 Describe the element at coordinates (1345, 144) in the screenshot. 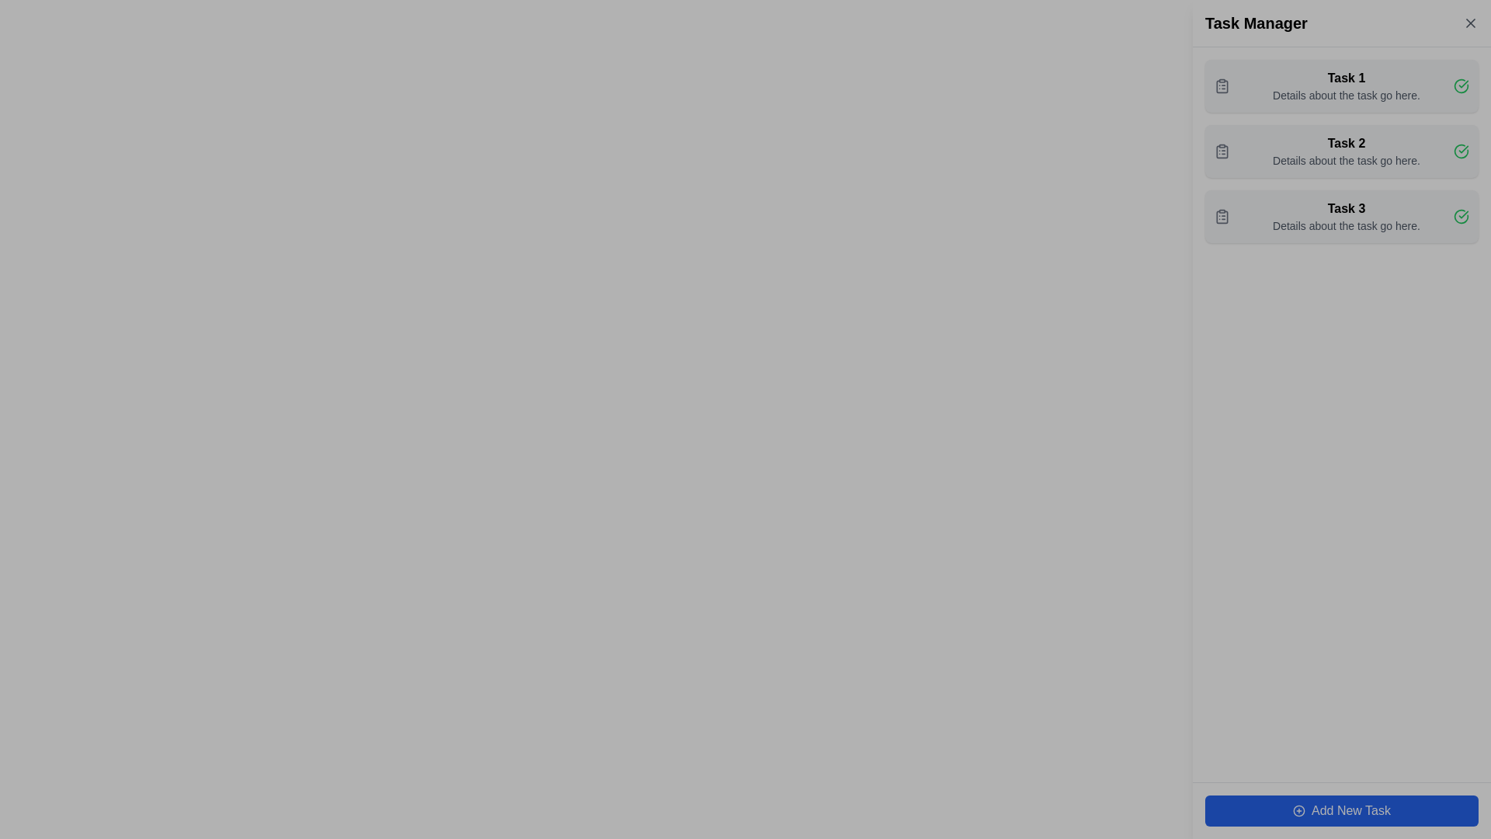

I see `the text label that serves as the title for a task entry` at that location.